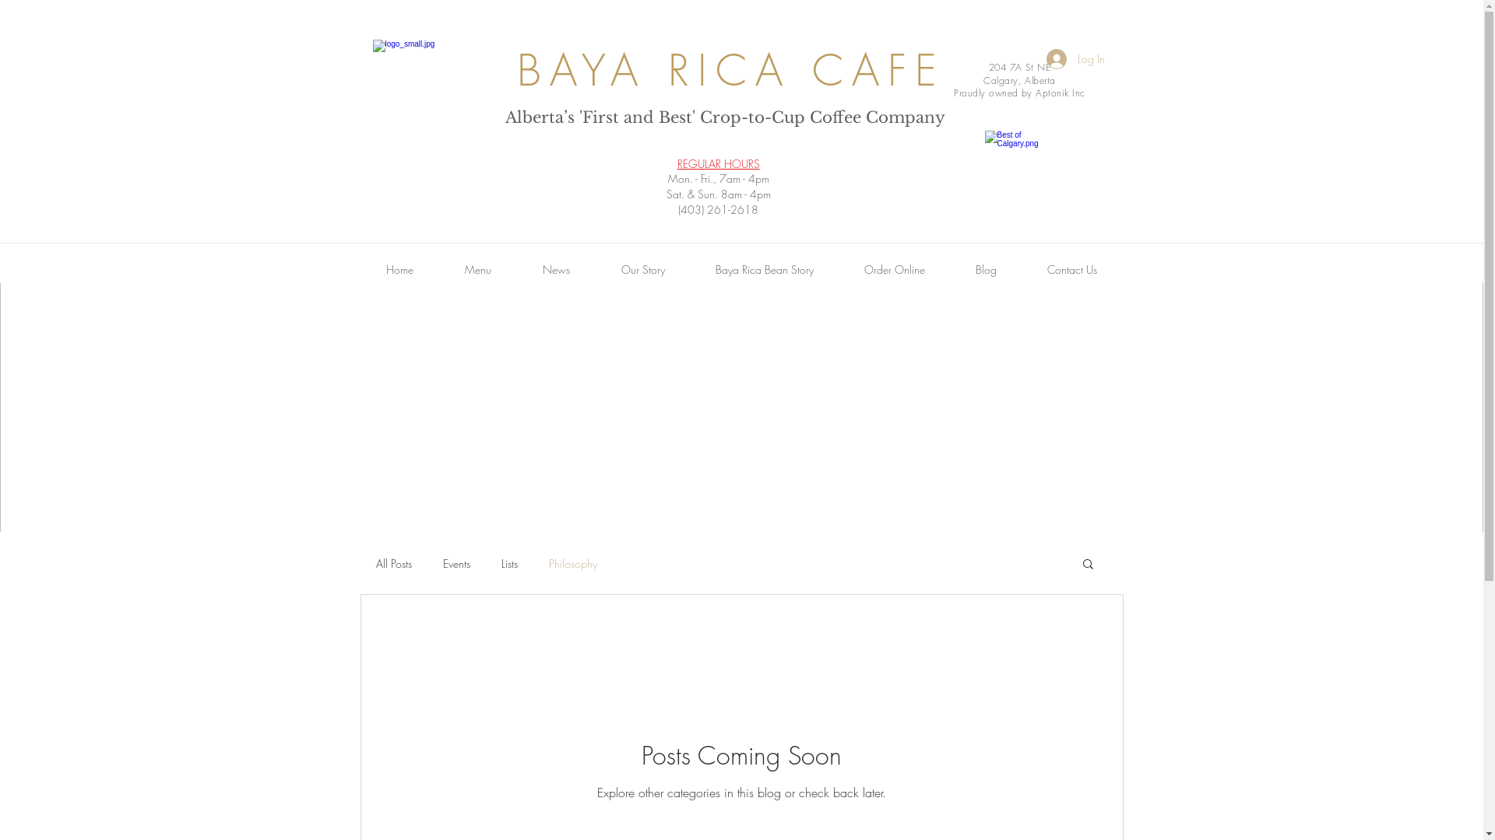 The height and width of the screenshot is (840, 1495). I want to click on 'News', so click(556, 269).